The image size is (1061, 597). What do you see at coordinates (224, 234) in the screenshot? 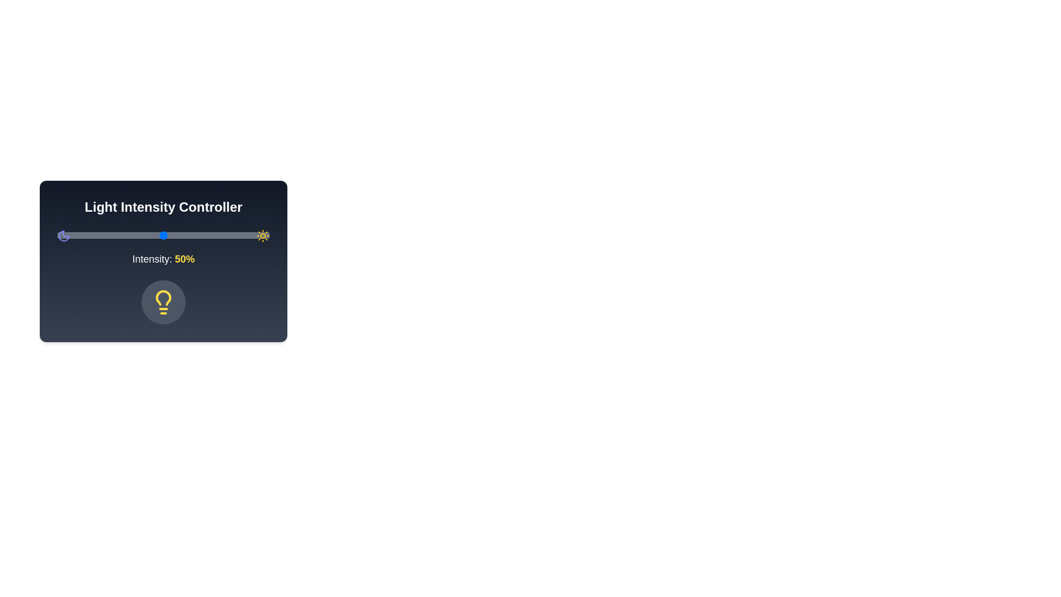
I see `the light intensity to 79% by moving the slider` at bounding box center [224, 234].